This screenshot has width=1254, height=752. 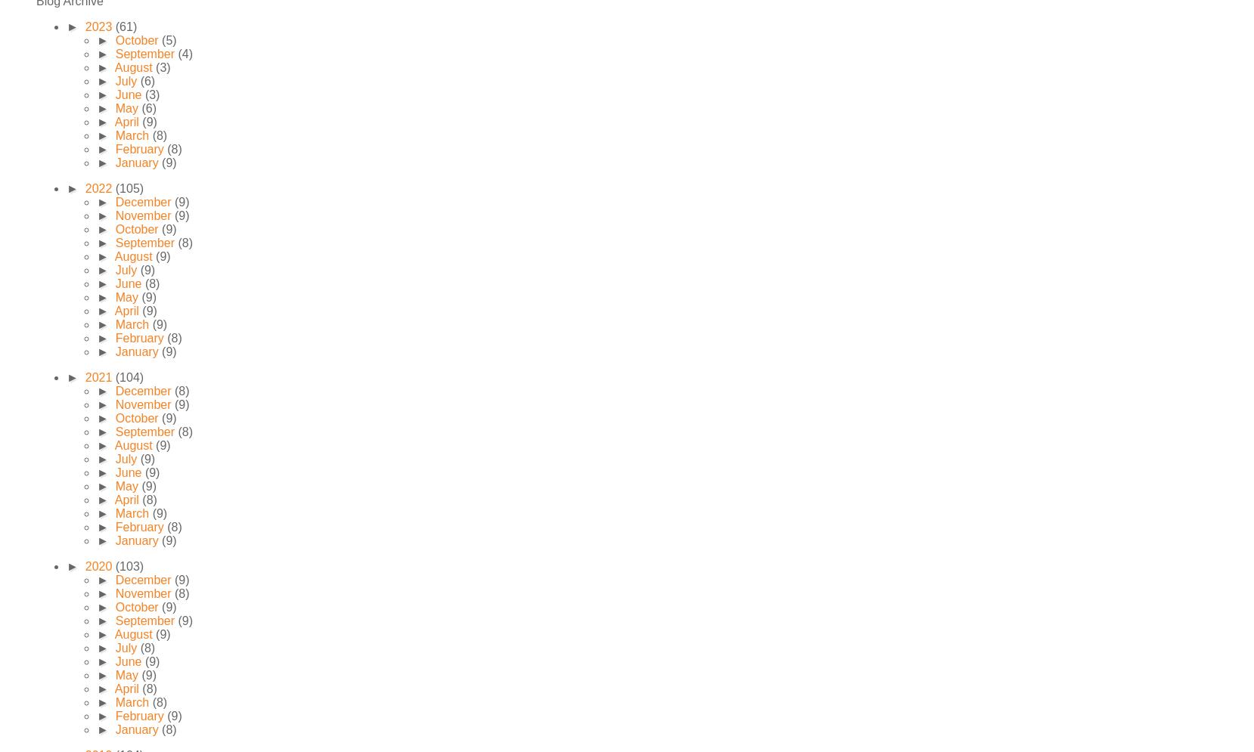 I want to click on '2022', so click(x=84, y=188).